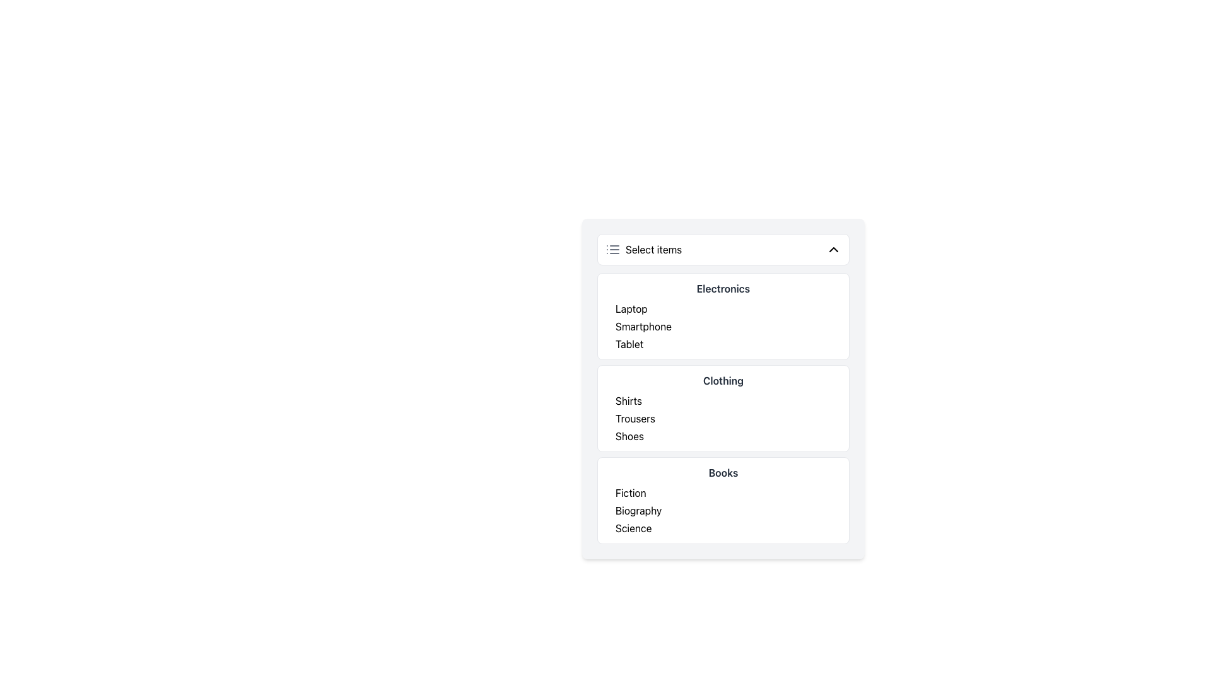 This screenshot has width=1211, height=681. I want to click on the list icon located in the upper left corner of the header bar, which consists of three horizontal lines and is positioned to the left of the 'Select items' text, so click(612, 250).